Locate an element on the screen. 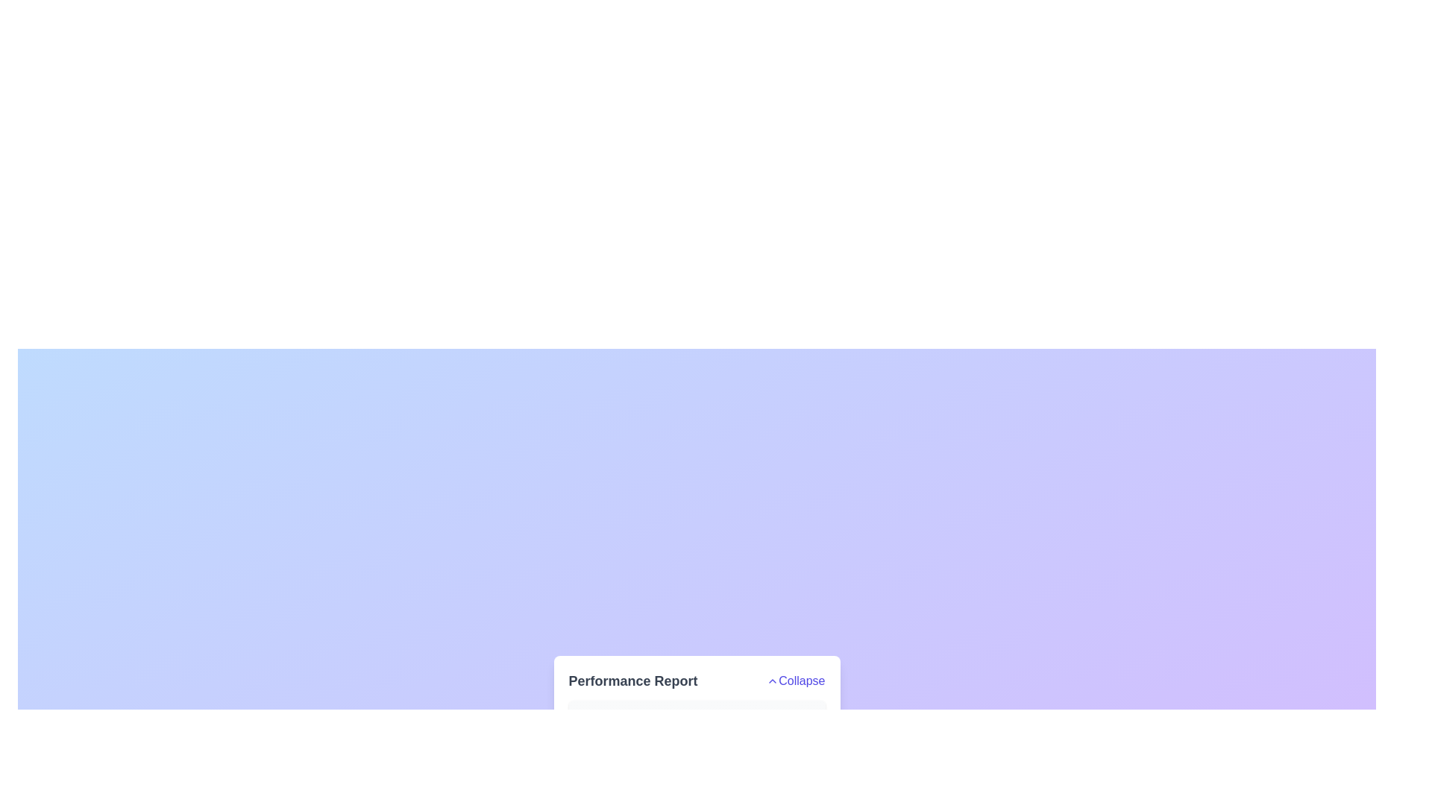 The width and height of the screenshot is (1432, 805). the collapsible section toggle icon located to the right of the 'Collapse' text is located at coordinates (773, 681).